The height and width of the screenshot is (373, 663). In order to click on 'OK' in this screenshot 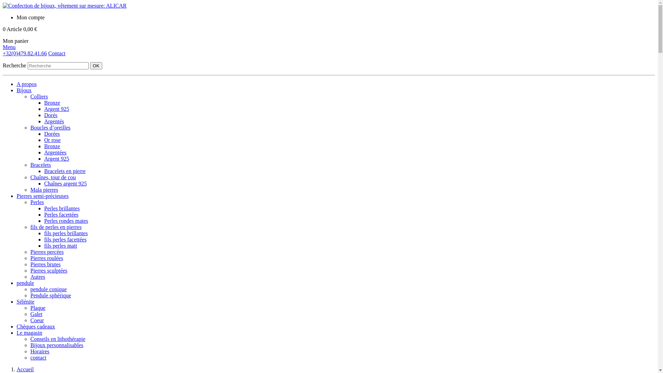, I will do `click(96, 66)`.